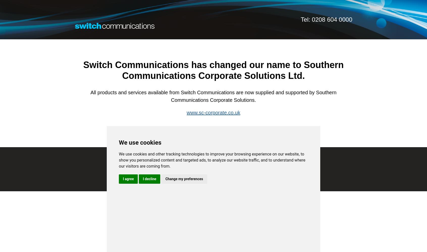 The height and width of the screenshot is (252, 427). Describe the element at coordinates (140, 142) in the screenshot. I see `'We use cookies'` at that location.